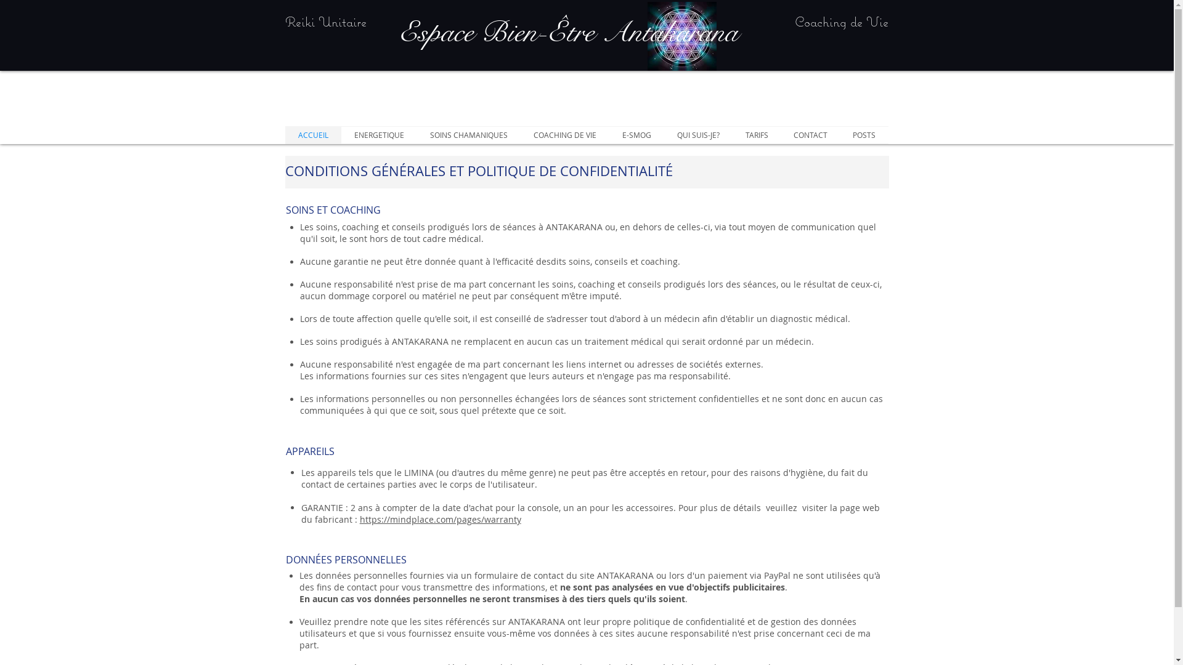 This screenshot has width=1183, height=665. I want to click on 'E-SMOG', so click(636, 135).